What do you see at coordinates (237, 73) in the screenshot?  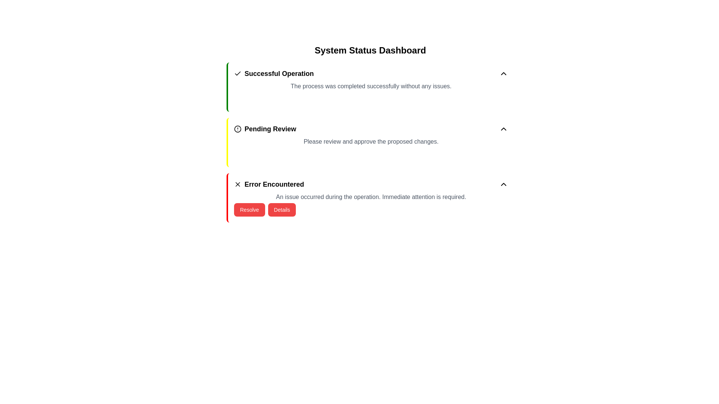 I see `the green checkmark icon indicating success, which is located to the left of the 'Successful Operation' text in the System Status Dashboard` at bounding box center [237, 73].